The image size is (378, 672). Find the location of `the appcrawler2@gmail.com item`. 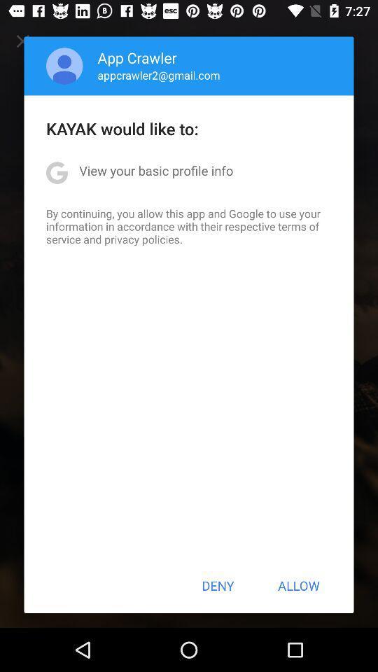

the appcrawler2@gmail.com item is located at coordinates (158, 75).